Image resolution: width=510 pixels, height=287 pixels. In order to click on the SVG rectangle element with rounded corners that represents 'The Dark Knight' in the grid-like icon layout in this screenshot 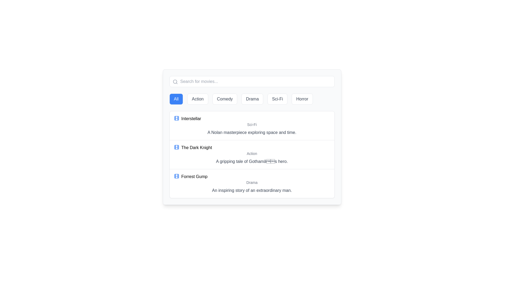, I will do `click(176, 176)`.